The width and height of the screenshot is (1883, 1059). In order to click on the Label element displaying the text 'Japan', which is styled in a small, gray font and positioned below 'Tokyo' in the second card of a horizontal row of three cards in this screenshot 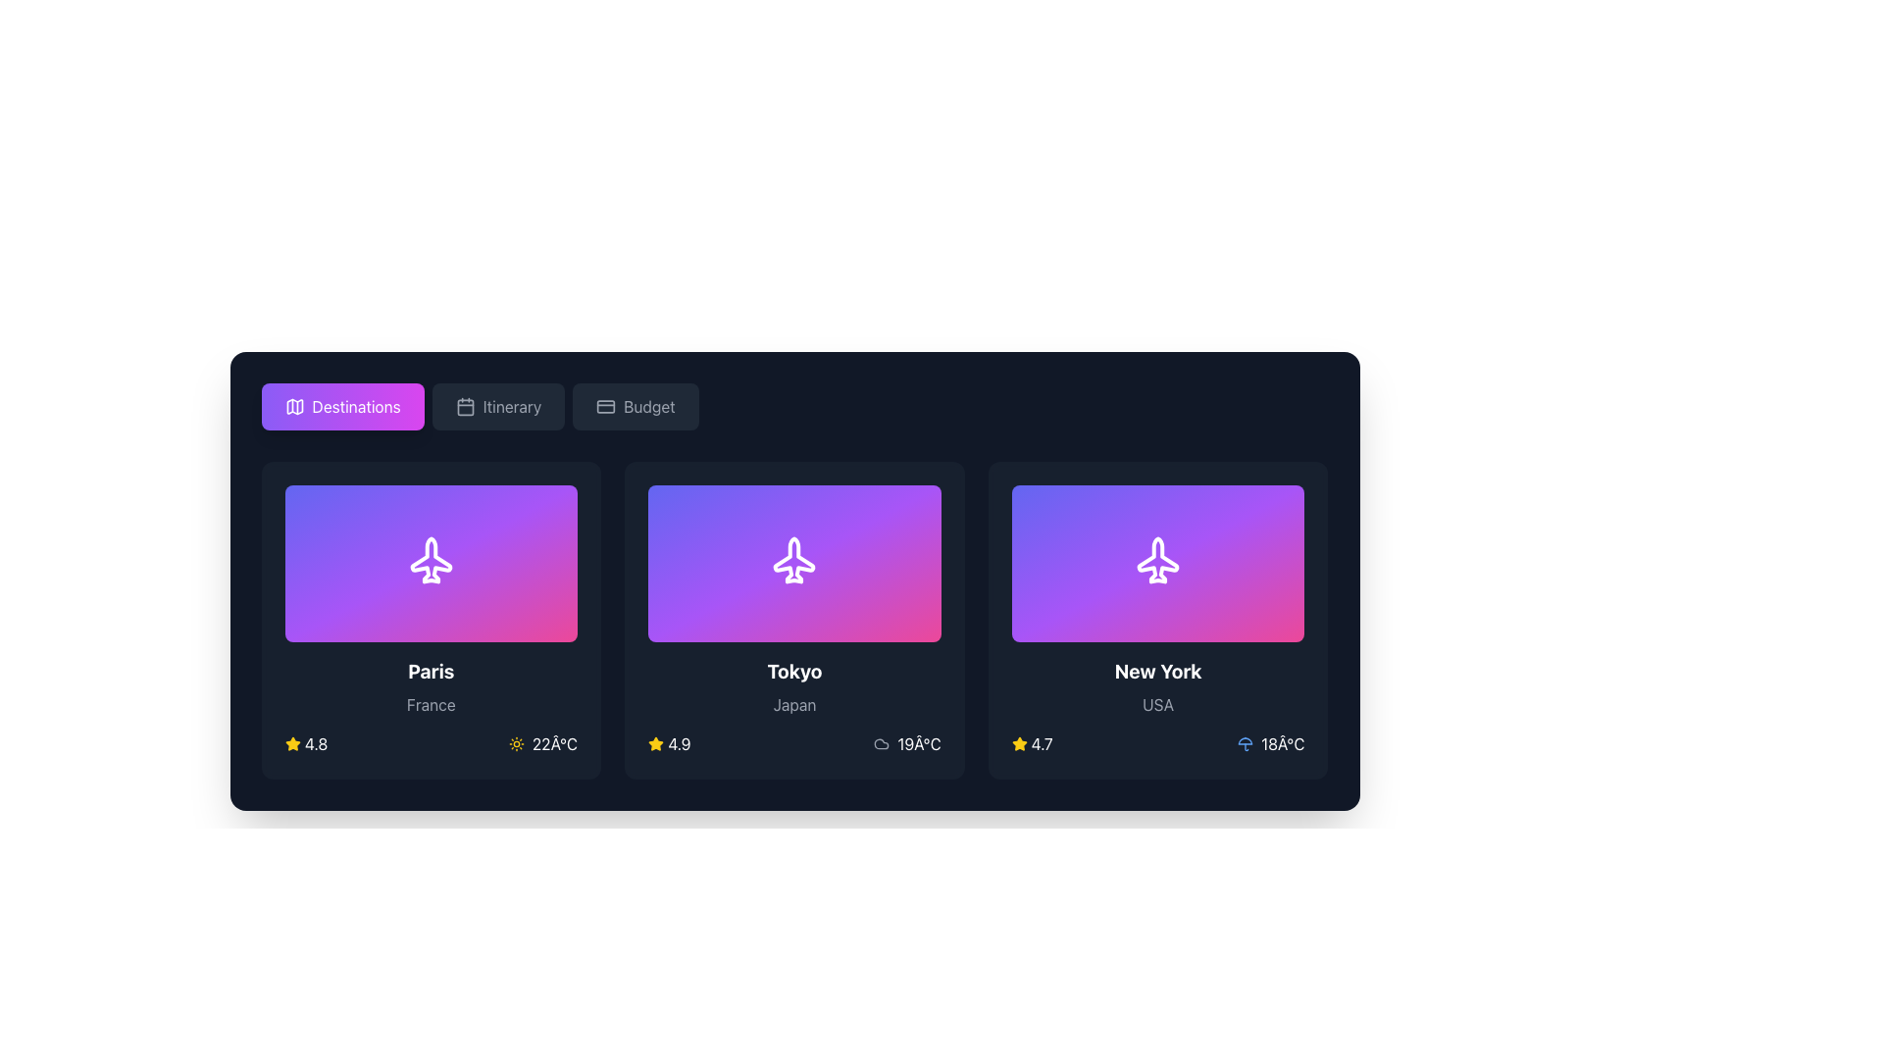, I will do `click(794, 703)`.